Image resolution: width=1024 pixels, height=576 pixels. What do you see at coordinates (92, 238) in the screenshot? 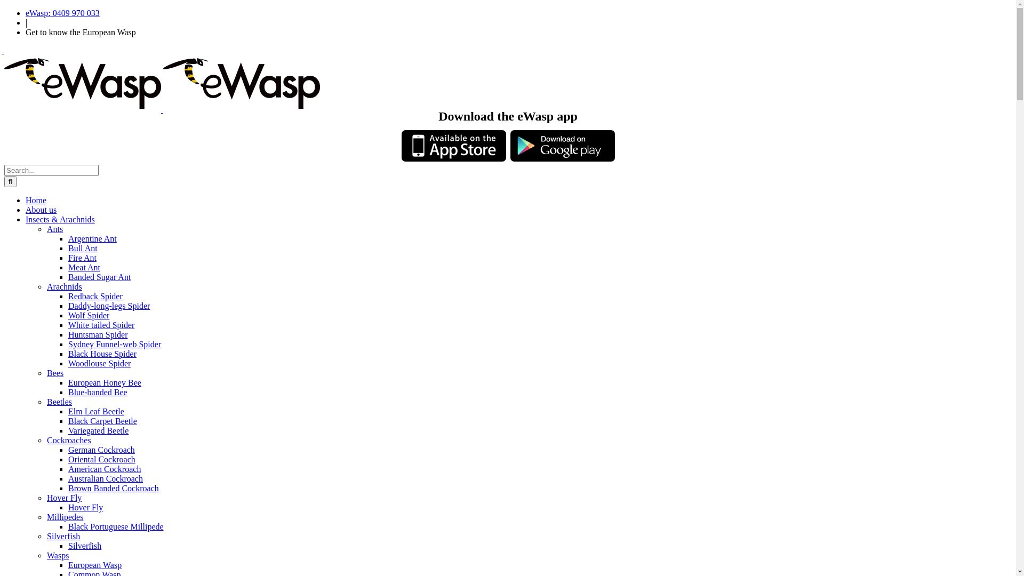
I see `'Argentine Ant'` at bounding box center [92, 238].